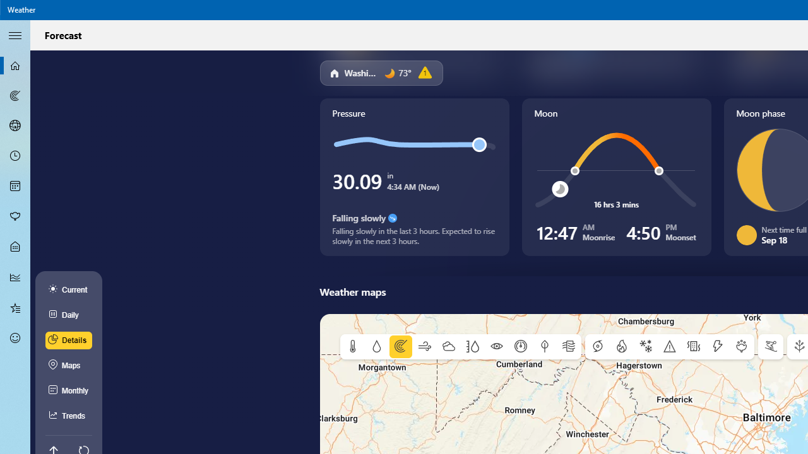 The image size is (808, 454). I want to click on 'Monthly Forecast - Not Selected', so click(15, 186).